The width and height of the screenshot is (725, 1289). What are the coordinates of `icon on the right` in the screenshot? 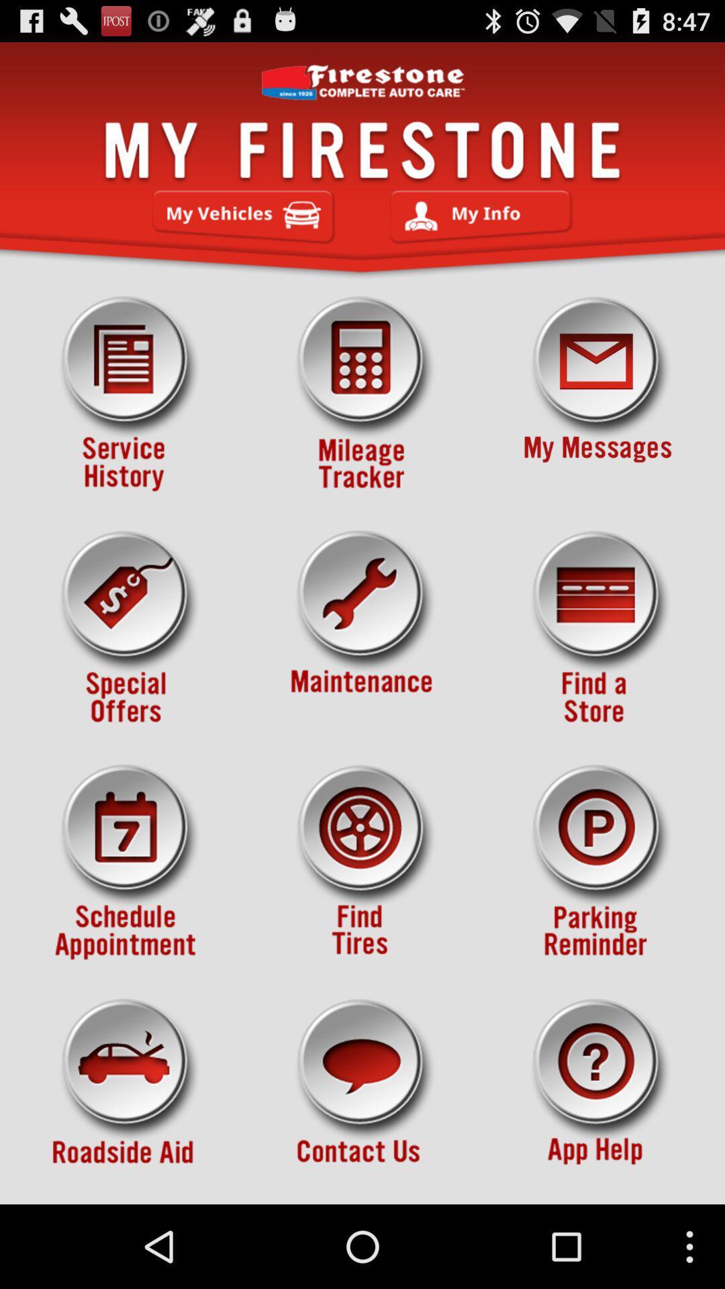 It's located at (597, 628).